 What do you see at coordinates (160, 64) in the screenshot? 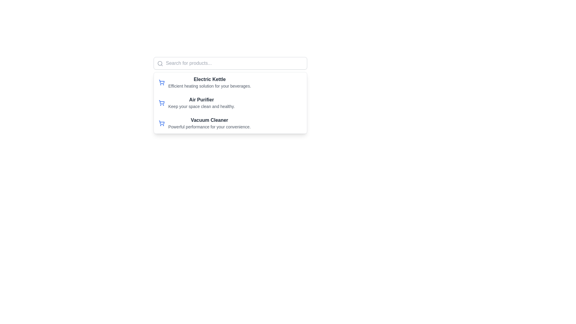
I see `the search icon located at the top-left area of the search bar, which visually represents the search functionality` at bounding box center [160, 64].